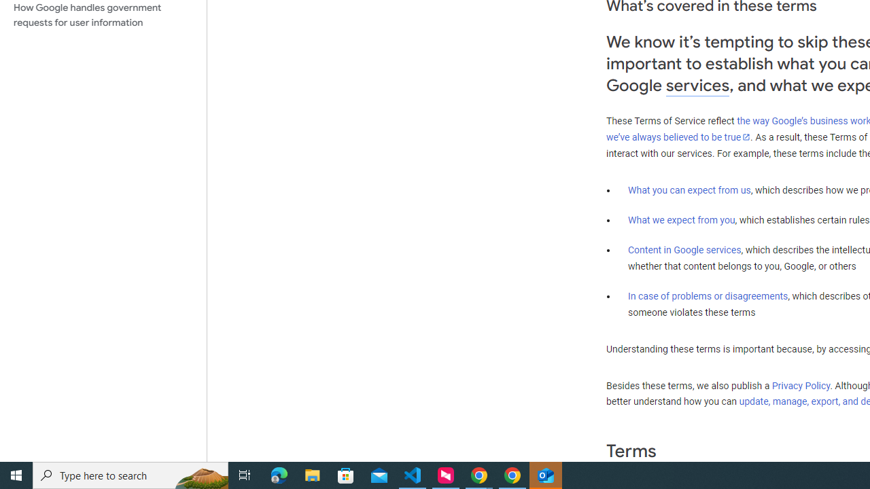  I want to click on 'In case of problems or disagreements', so click(707, 295).